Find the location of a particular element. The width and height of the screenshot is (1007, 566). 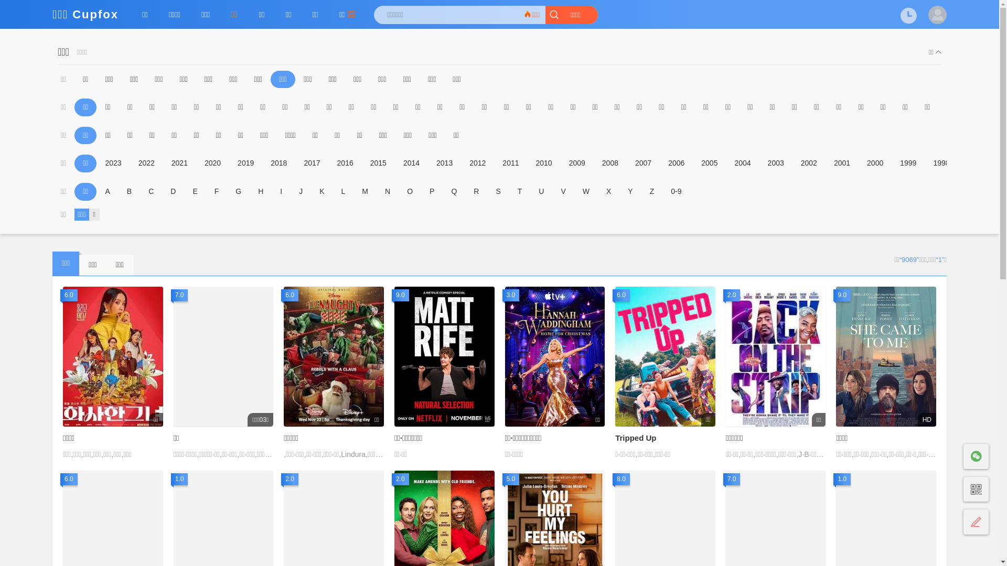

'2007' is located at coordinates (642, 164).